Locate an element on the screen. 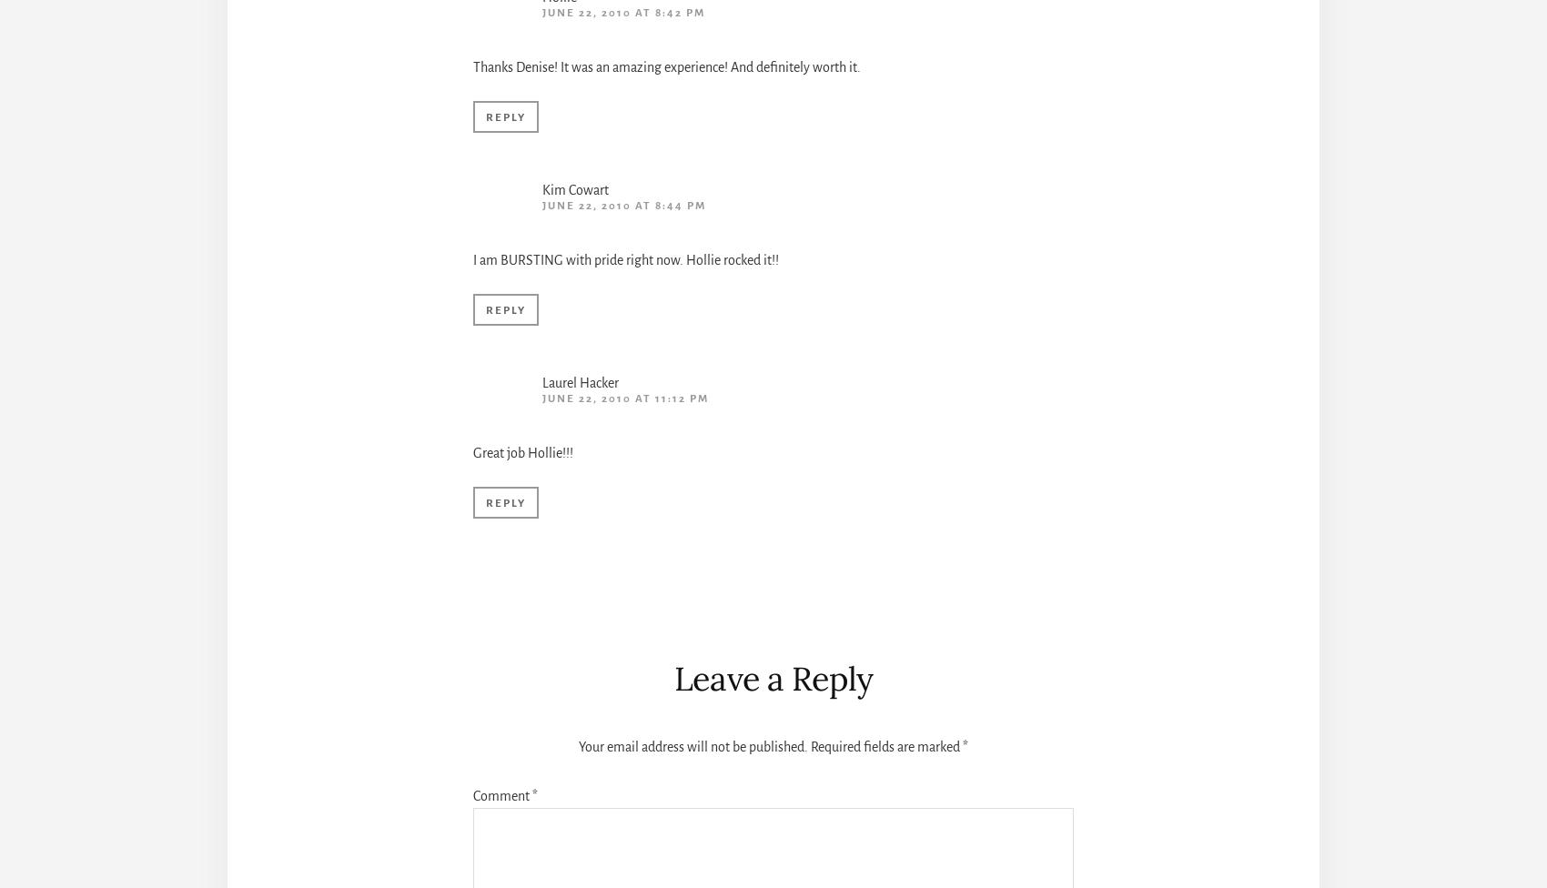  'June 22, 2010 at 8:42 pm' is located at coordinates (541, 13).